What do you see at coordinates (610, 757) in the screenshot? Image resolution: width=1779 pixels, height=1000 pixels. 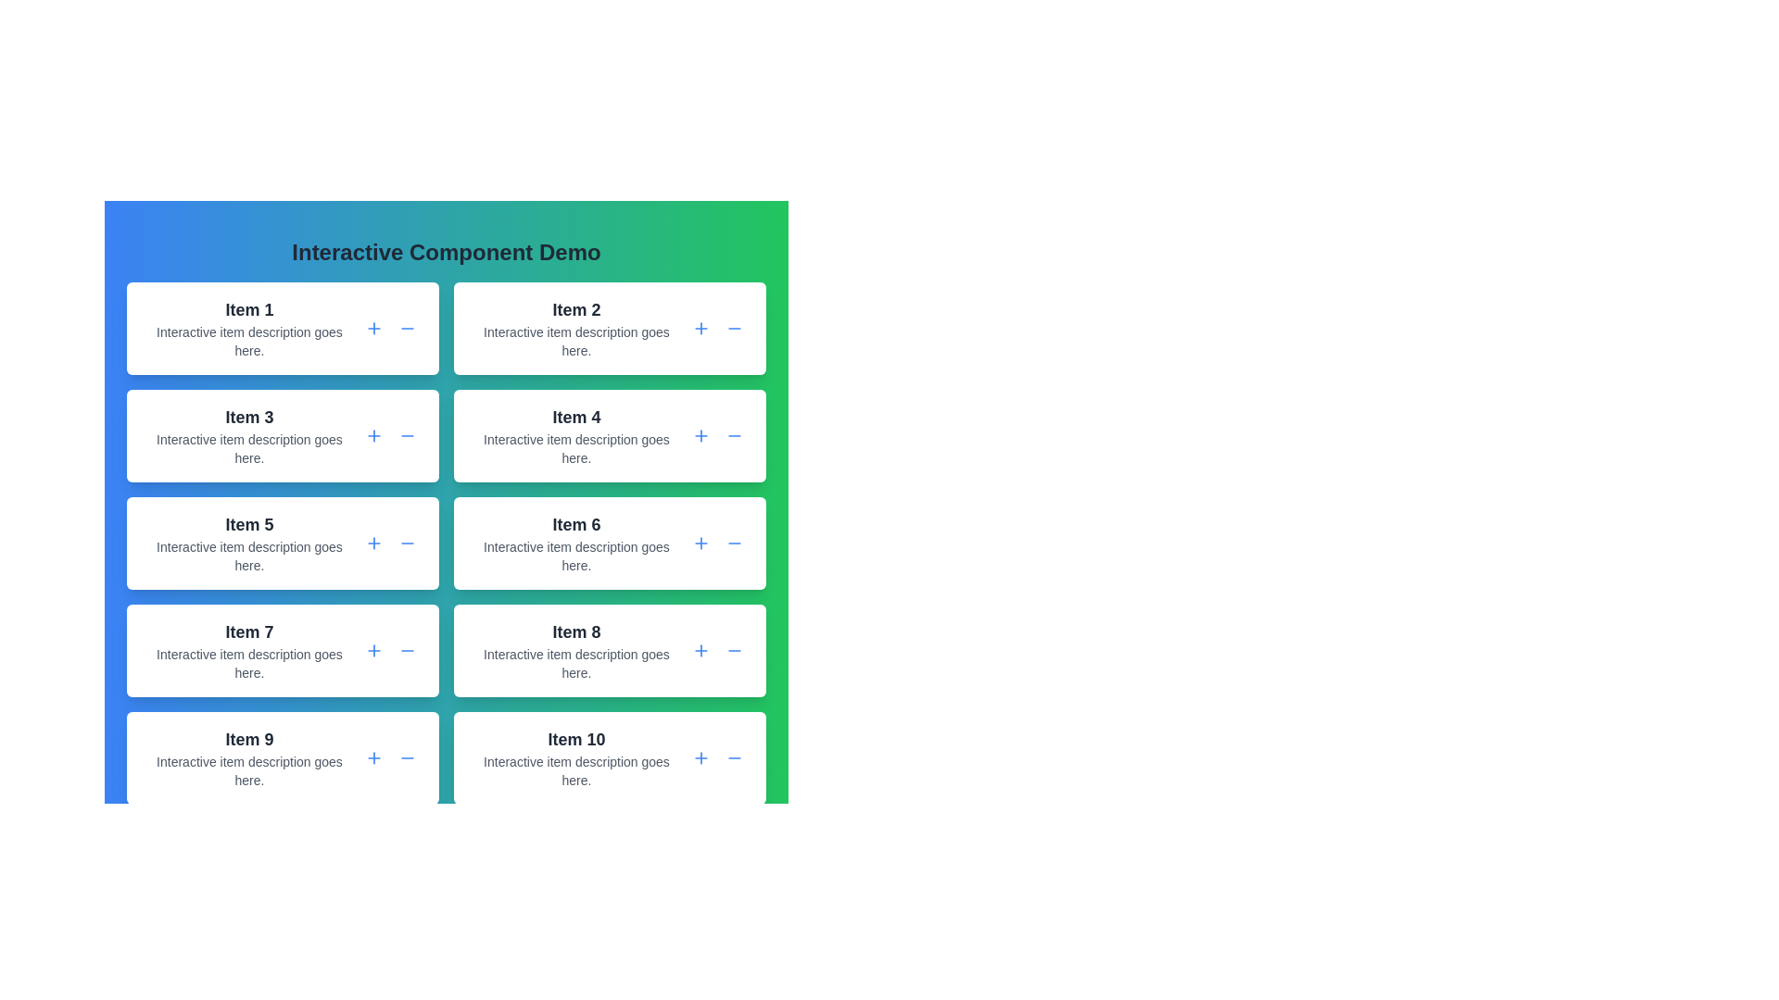 I see `the minus (-) button of the interactive card located at the bottom-right corner of the grid, which is the 10th card in a 2-column layout` at bounding box center [610, 757].